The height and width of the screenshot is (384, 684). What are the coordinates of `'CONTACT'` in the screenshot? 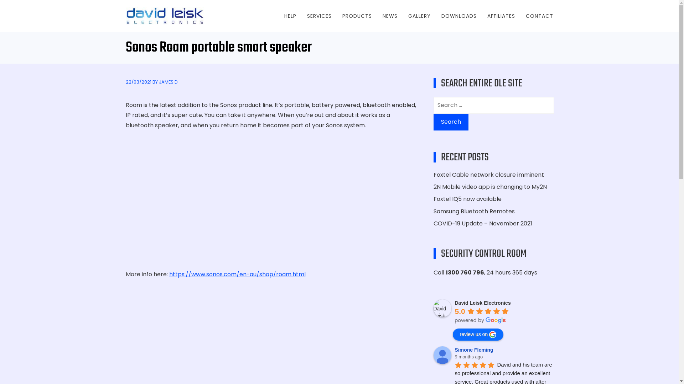 It's located at (539, 16).